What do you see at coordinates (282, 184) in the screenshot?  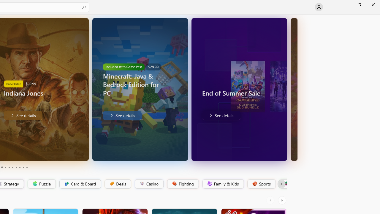 I see `'Platformer'` at bounding box center [282, 184].